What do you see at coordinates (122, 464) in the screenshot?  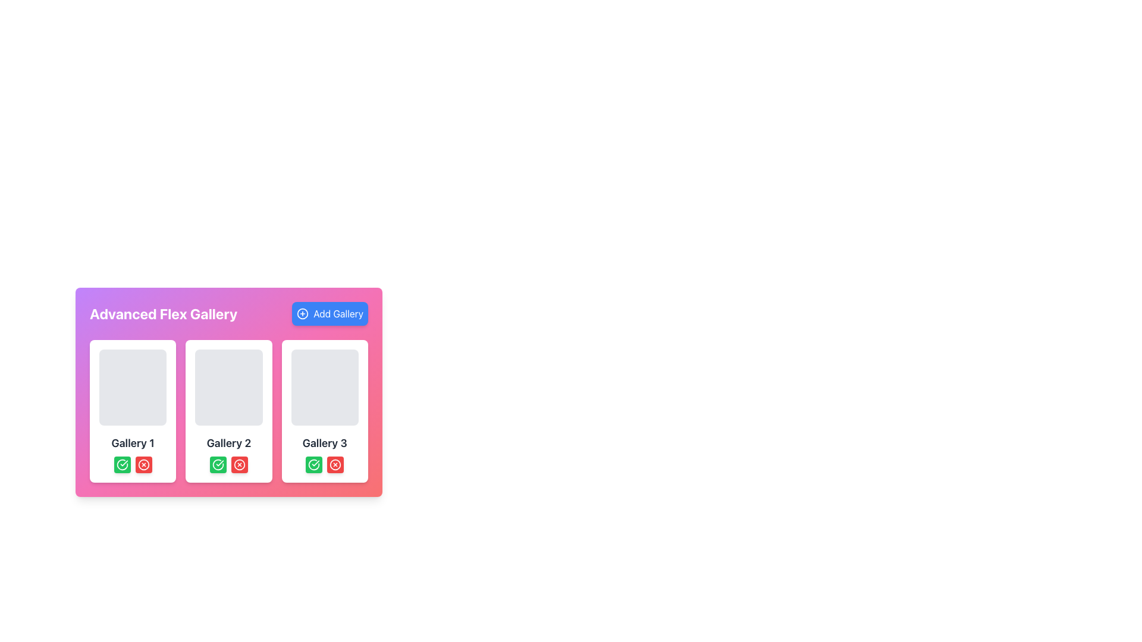 I see `the confirmation button located at the bottom-right of the 'Gallery 2' card to confirm an action` at bounding box center [122, 464].